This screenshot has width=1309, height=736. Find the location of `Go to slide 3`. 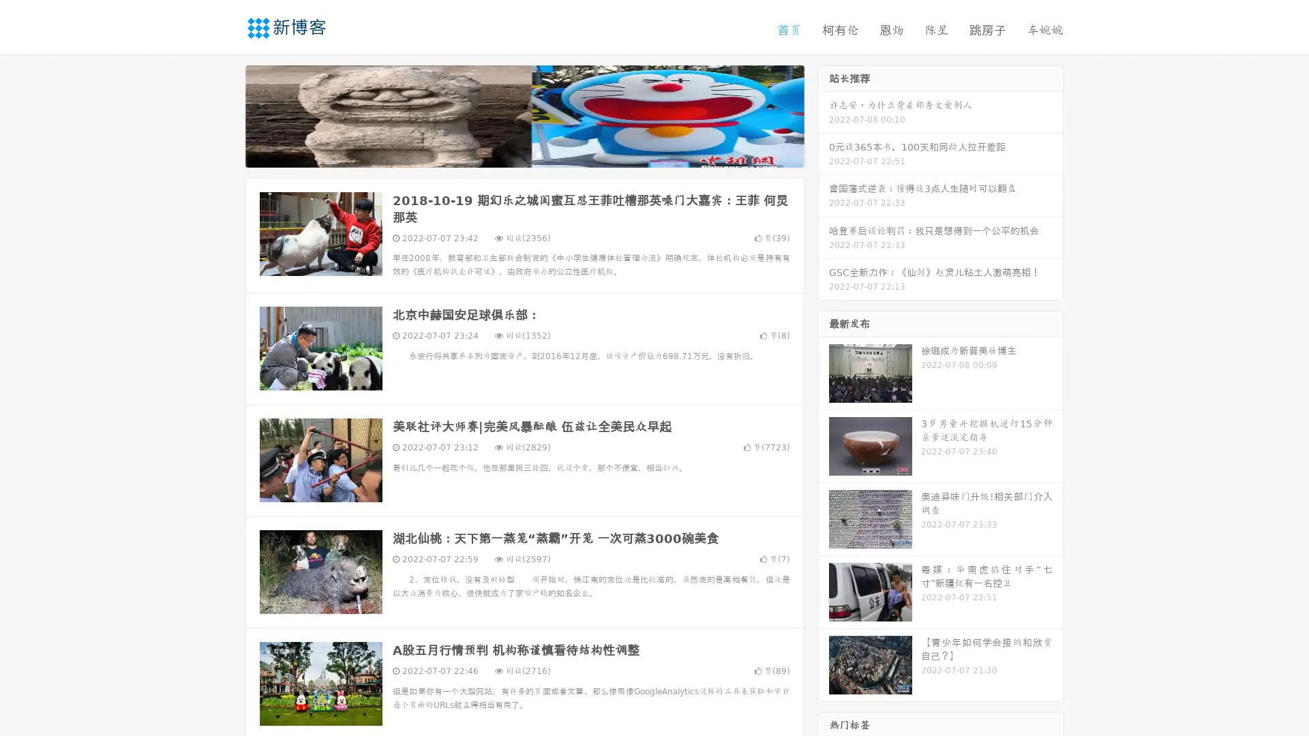

Go to slide 3 is located at coordinates (538, 153).